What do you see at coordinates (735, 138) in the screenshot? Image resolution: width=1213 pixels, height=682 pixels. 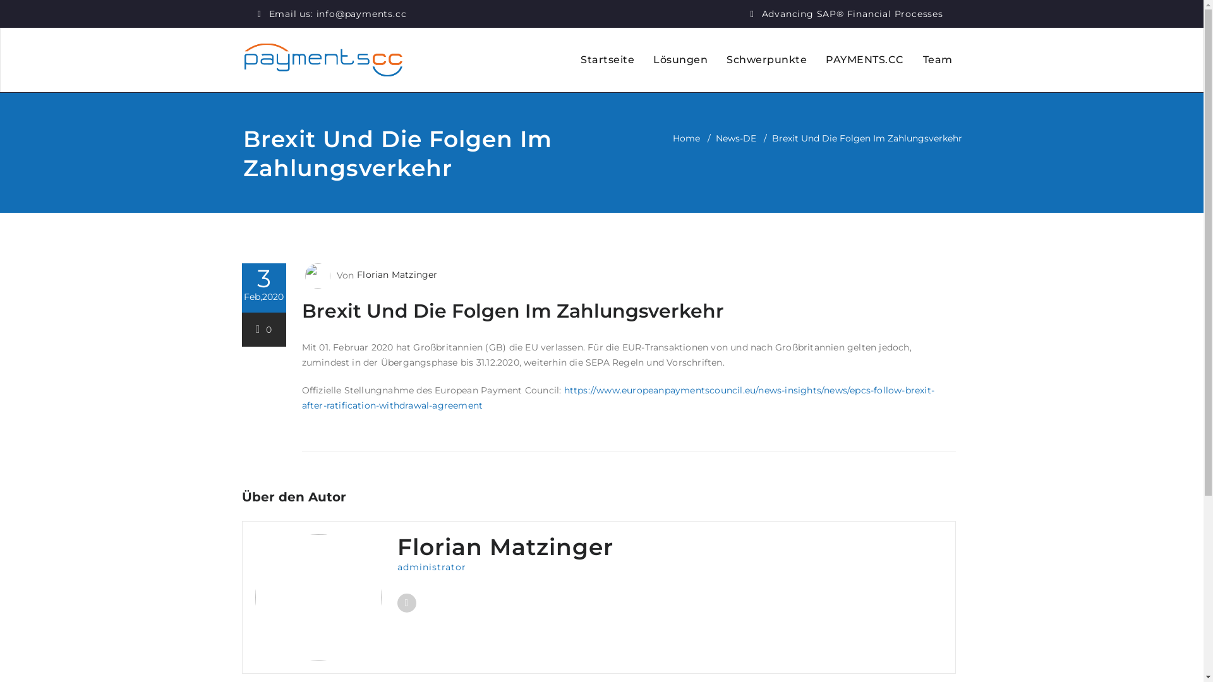 I see `'News-DE'` at bounding box center [735, 138].